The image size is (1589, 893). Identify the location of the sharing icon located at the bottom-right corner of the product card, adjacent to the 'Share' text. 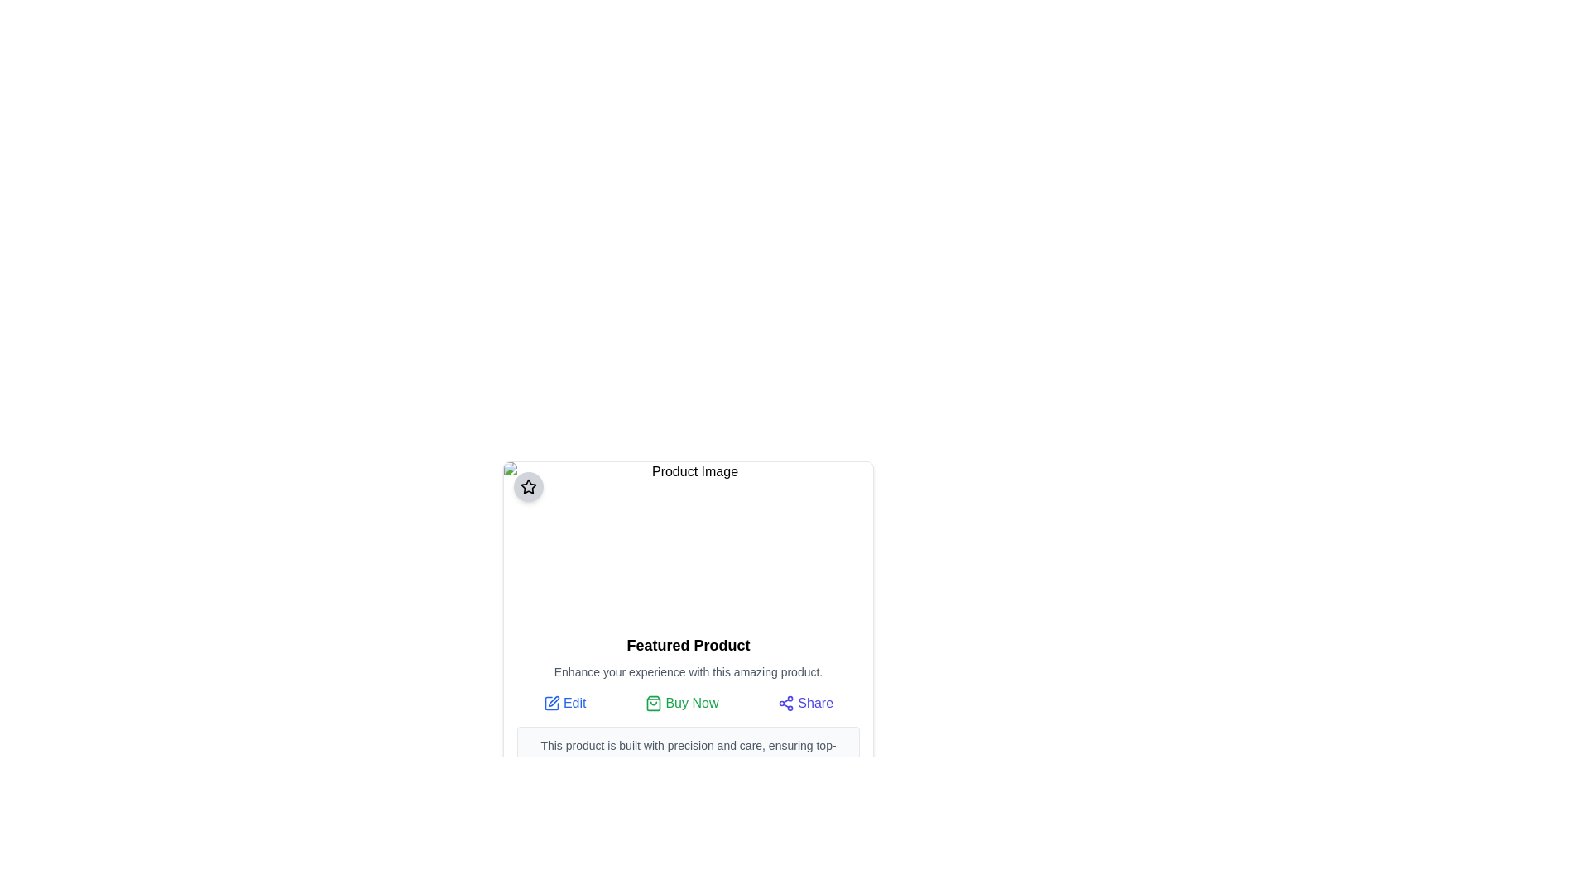
(785, 704).